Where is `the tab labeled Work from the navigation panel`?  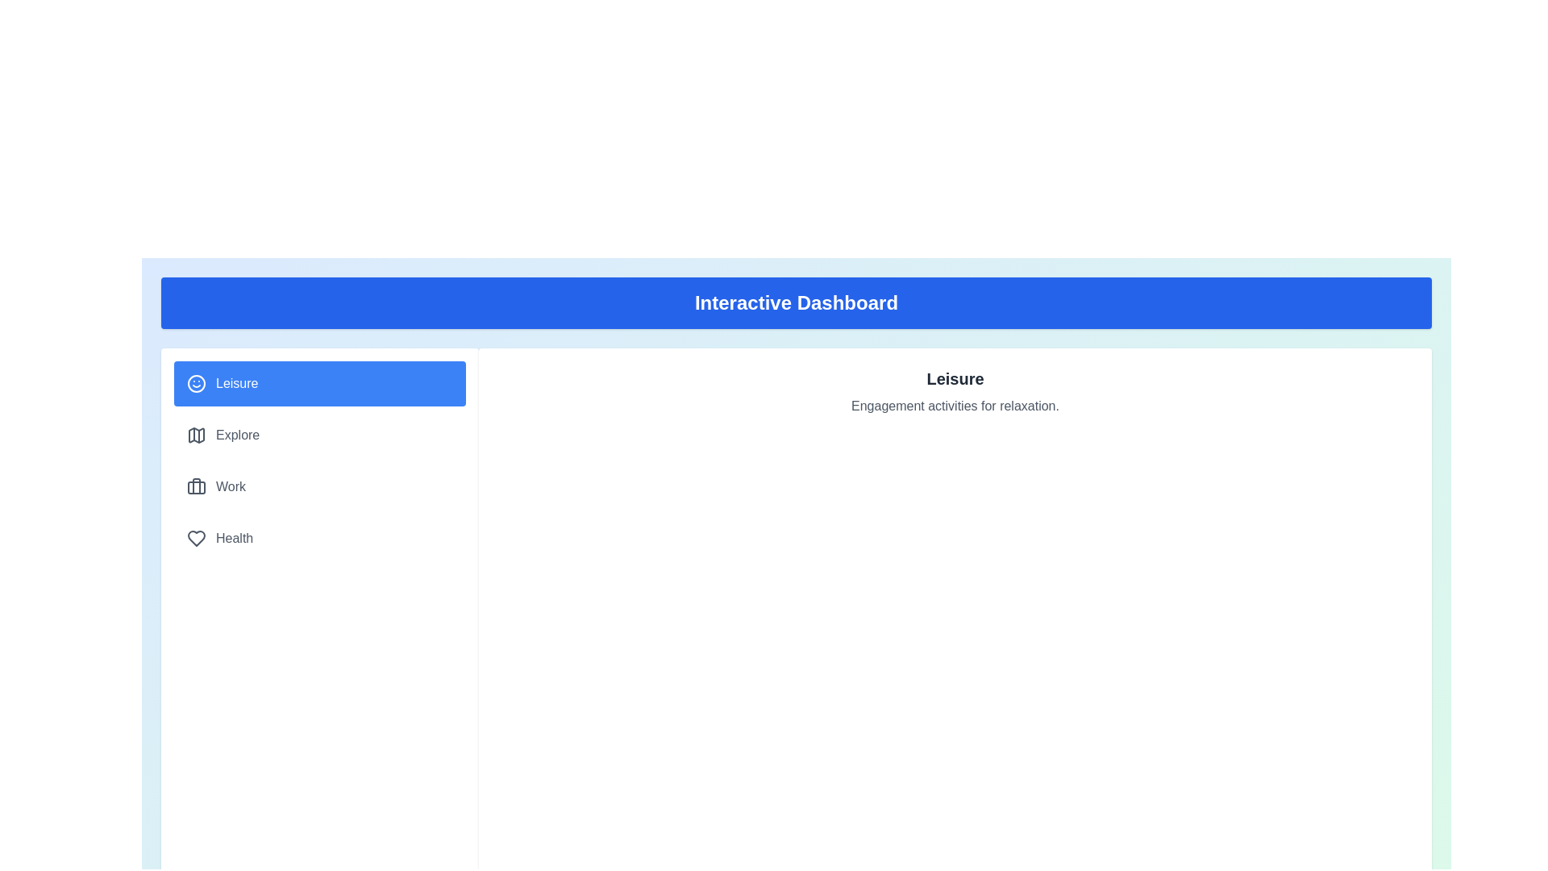
the tab labeled Work from the navigation panel is located at coordinates (320, 486).